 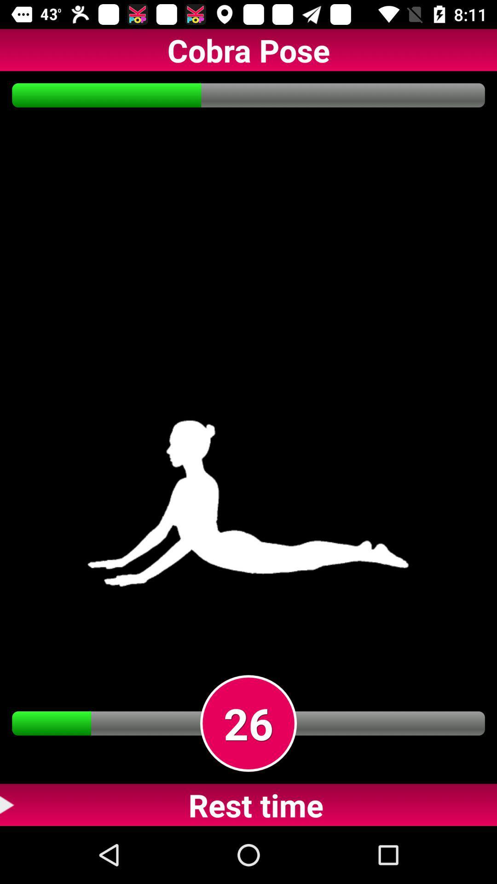 What do you see at coordinates (248, 804) in the screenshot?
I see `rest time` at bounding box center [248, 804].